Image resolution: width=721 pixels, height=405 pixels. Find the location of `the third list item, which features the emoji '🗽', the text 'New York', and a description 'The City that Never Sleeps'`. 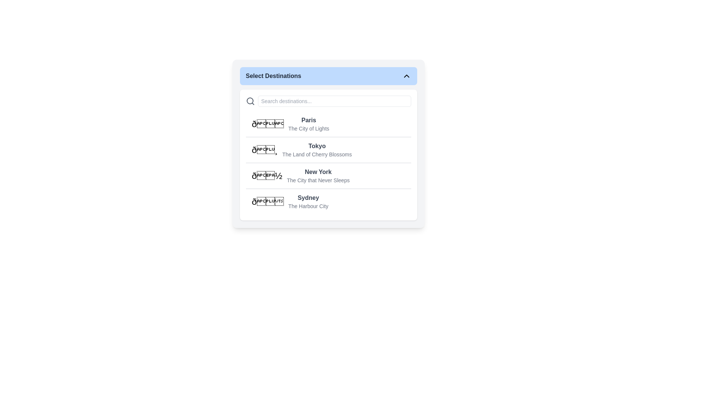

the third list item, which features the emoji '🗽', the text 'New York', and a description 'The City that Never Sleeps' is located at coordinates (328, 175).